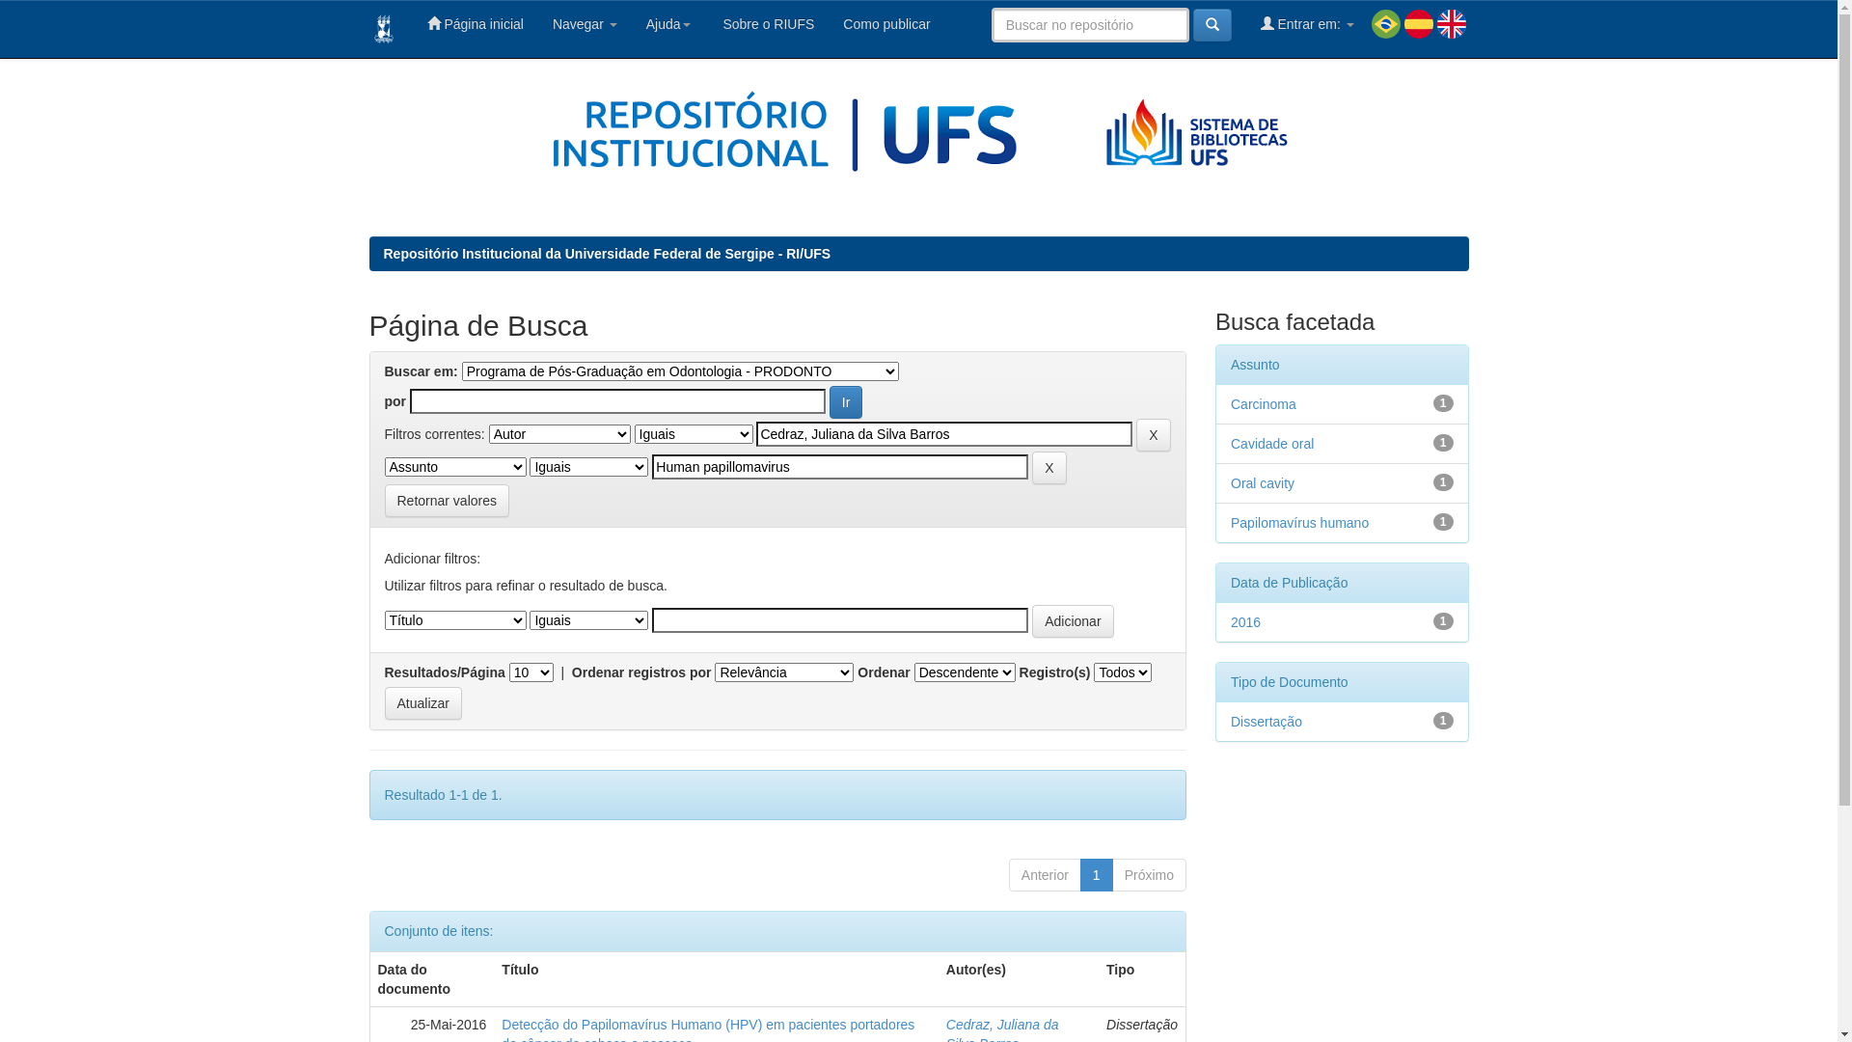 This screenshot has height=1042, width=1852. What do you see at coordinates (631, 23) in the screenshot?
I see `'Ajuda'` at bounding box center [631, 23].